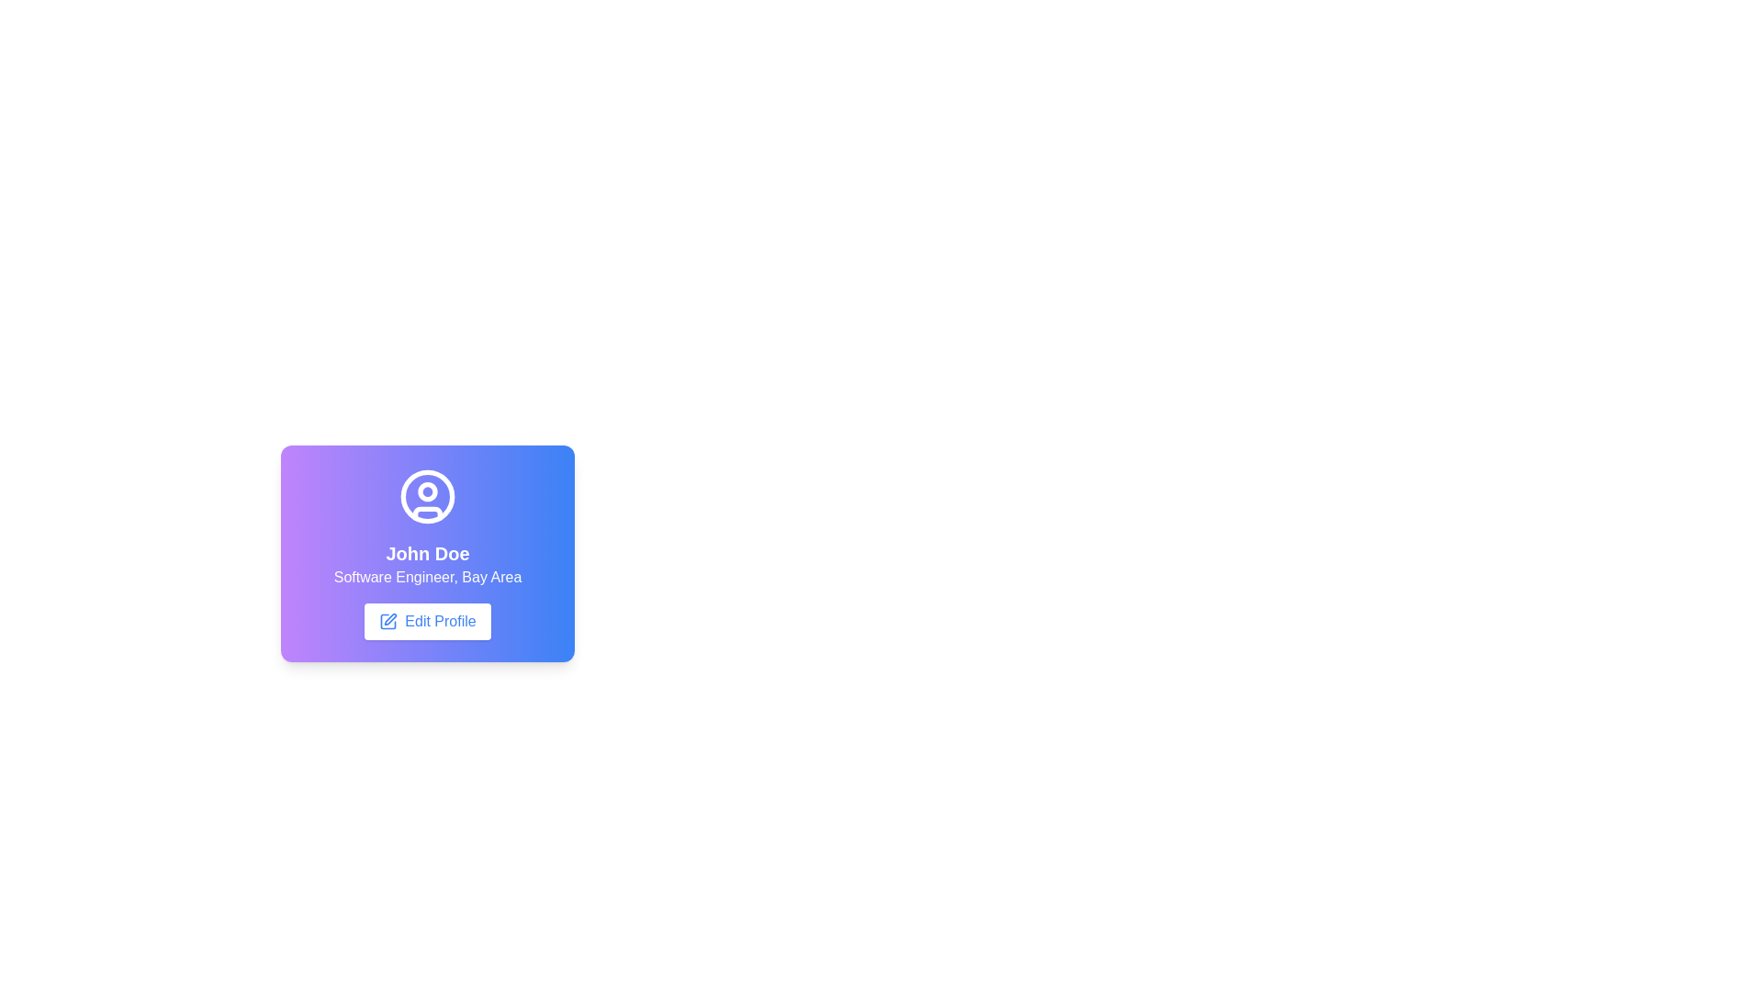 This screenshot has height=992, width=1763. What do you see at coordinates (426, 621) in the screenshot?
I see `the edit button located at the bottom of the profile card, which is centered below the text 'Software Engineer, Bay Area'` at bounding box center [426, 621].